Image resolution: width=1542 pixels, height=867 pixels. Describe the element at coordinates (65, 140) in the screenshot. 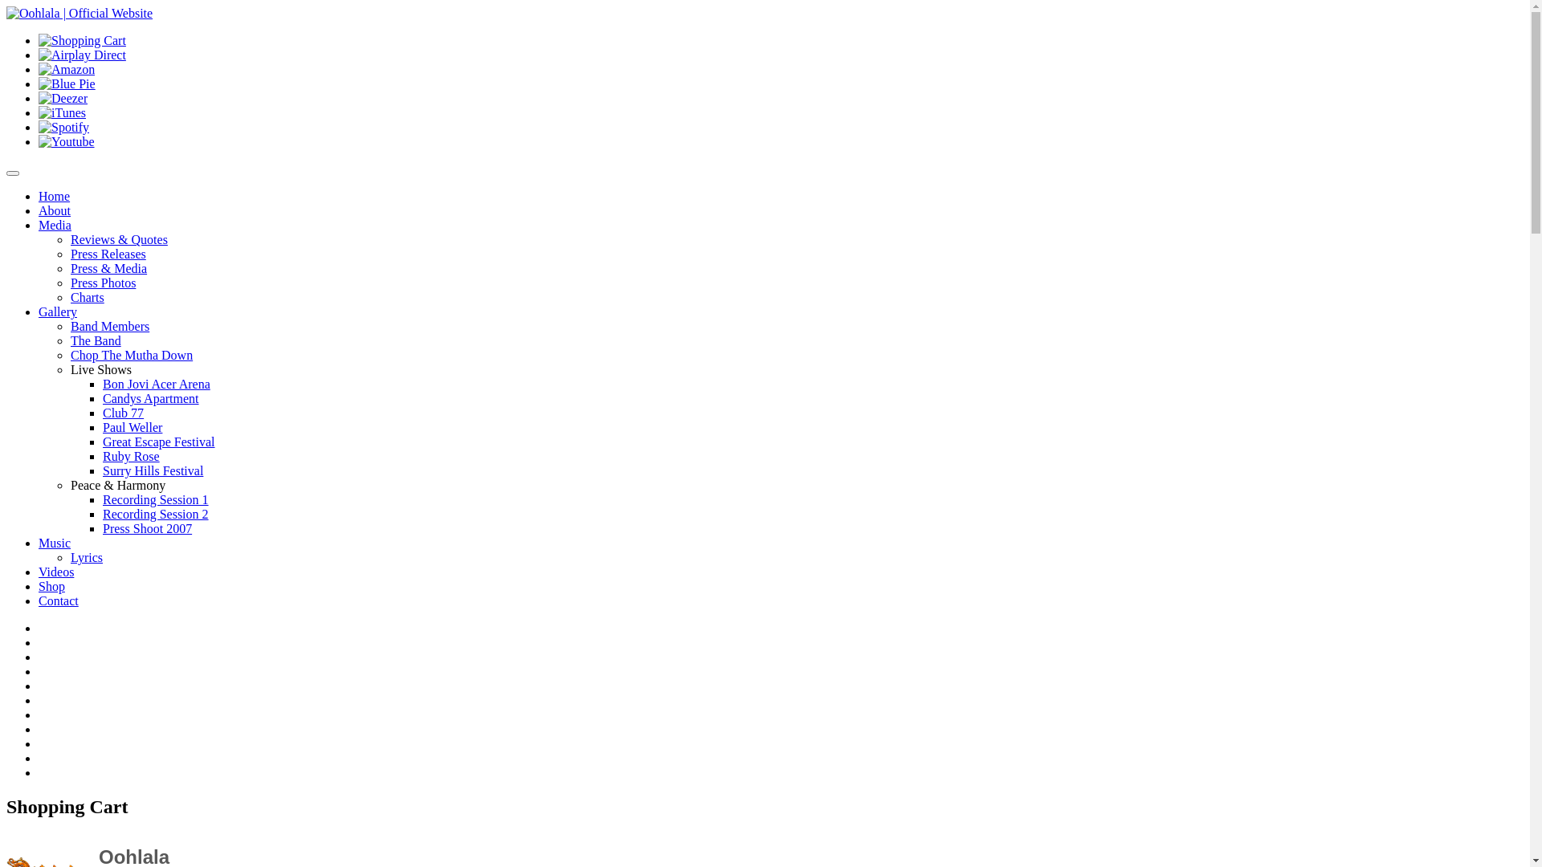

I see `'Youtube'` at that location.